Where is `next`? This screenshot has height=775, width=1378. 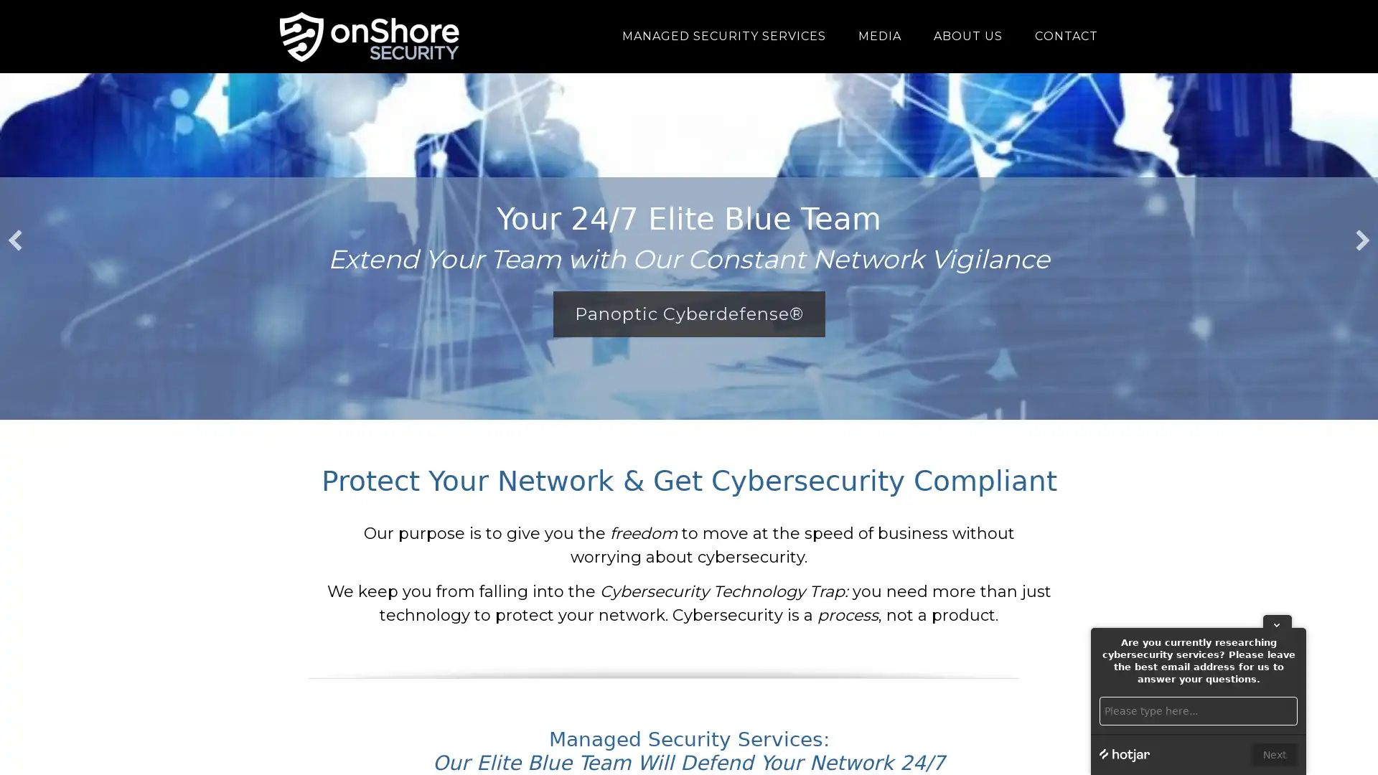
next is located at coordinates (1362, 240).